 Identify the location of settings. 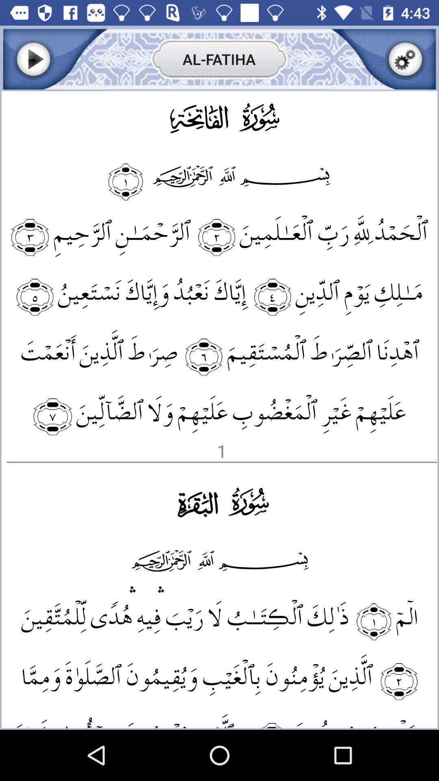
(405, 59).